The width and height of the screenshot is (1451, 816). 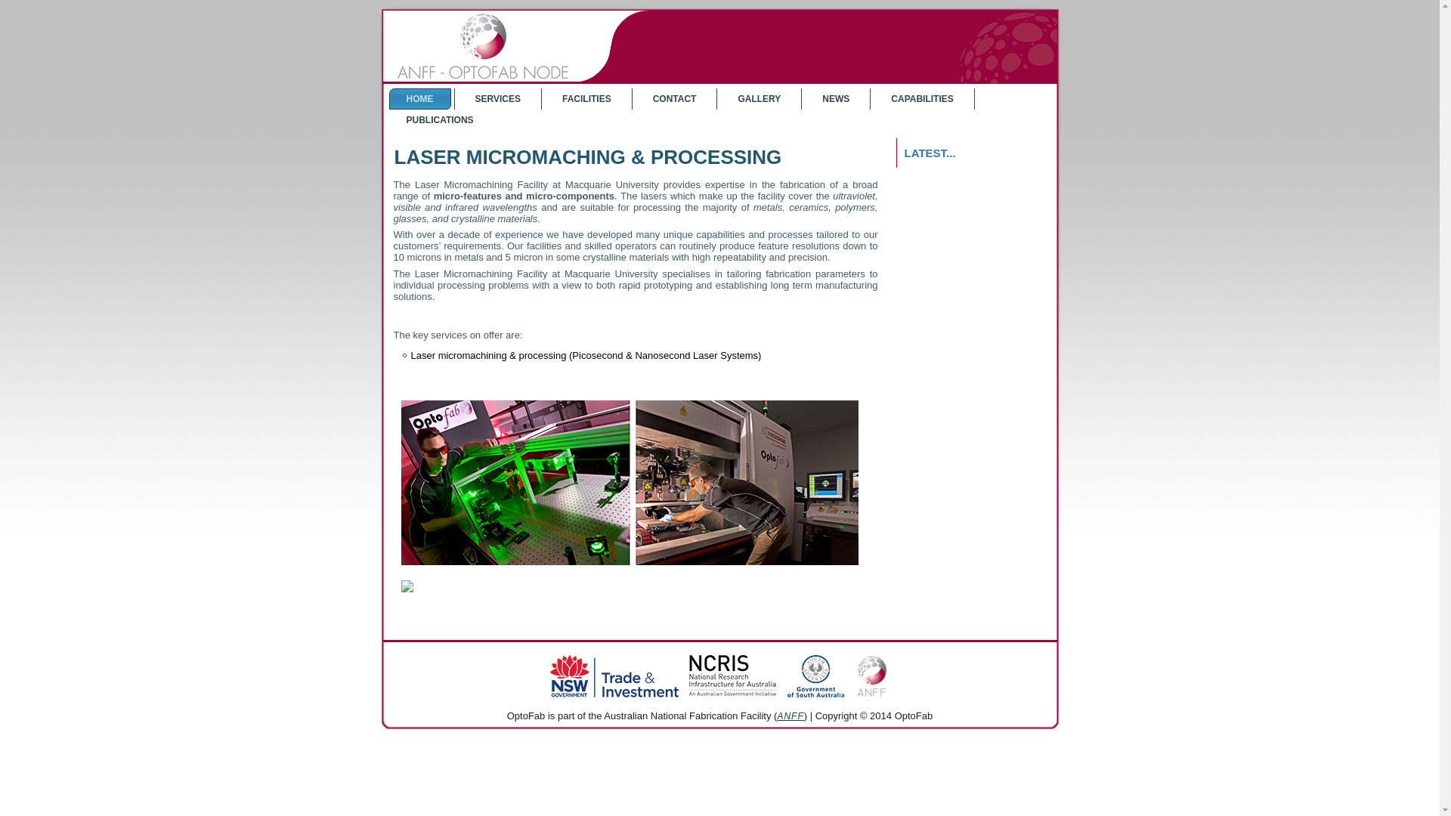 What do you see at coordinates (438, 119) in the screenshot?
I see `'PUBLICATIONS'` at bounding box center [438, 119].